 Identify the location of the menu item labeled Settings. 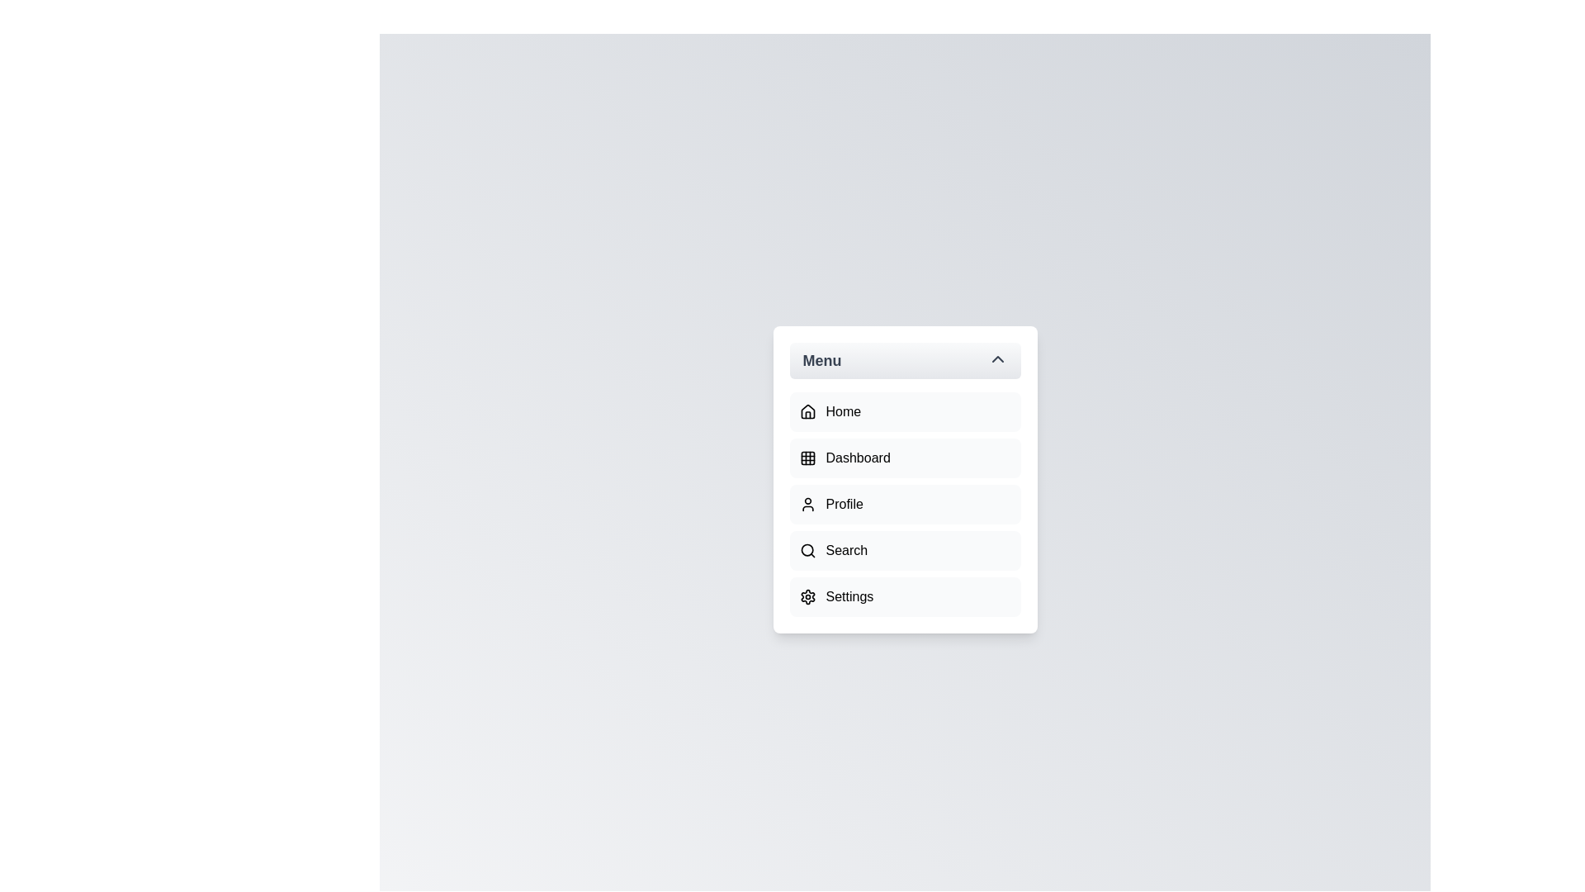
(904, 596).